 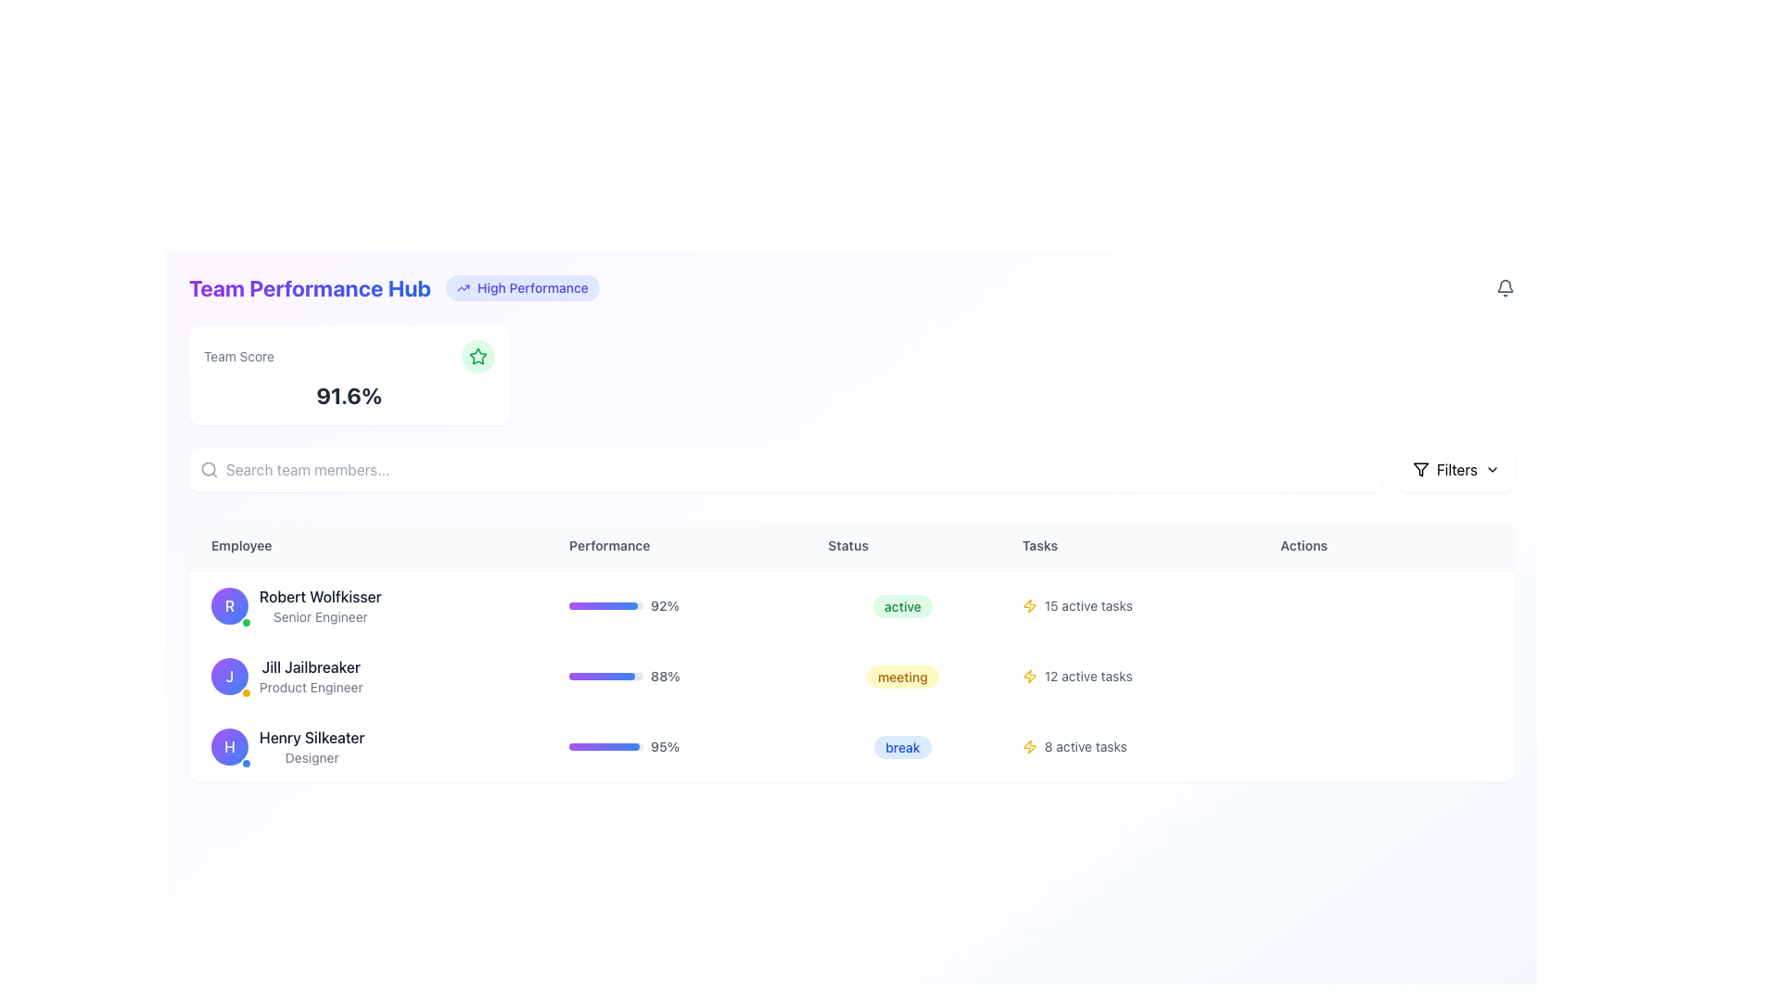 What do you see at coordinates (1028, 676) in the screenshot?
I see `the Icon in the 'Tasks' column that represents a task associated with 'Robert Wolfkisser', located to the right of the 'Status' section and to the left of the 'Actions' column` at bounding box center [1028, 676].